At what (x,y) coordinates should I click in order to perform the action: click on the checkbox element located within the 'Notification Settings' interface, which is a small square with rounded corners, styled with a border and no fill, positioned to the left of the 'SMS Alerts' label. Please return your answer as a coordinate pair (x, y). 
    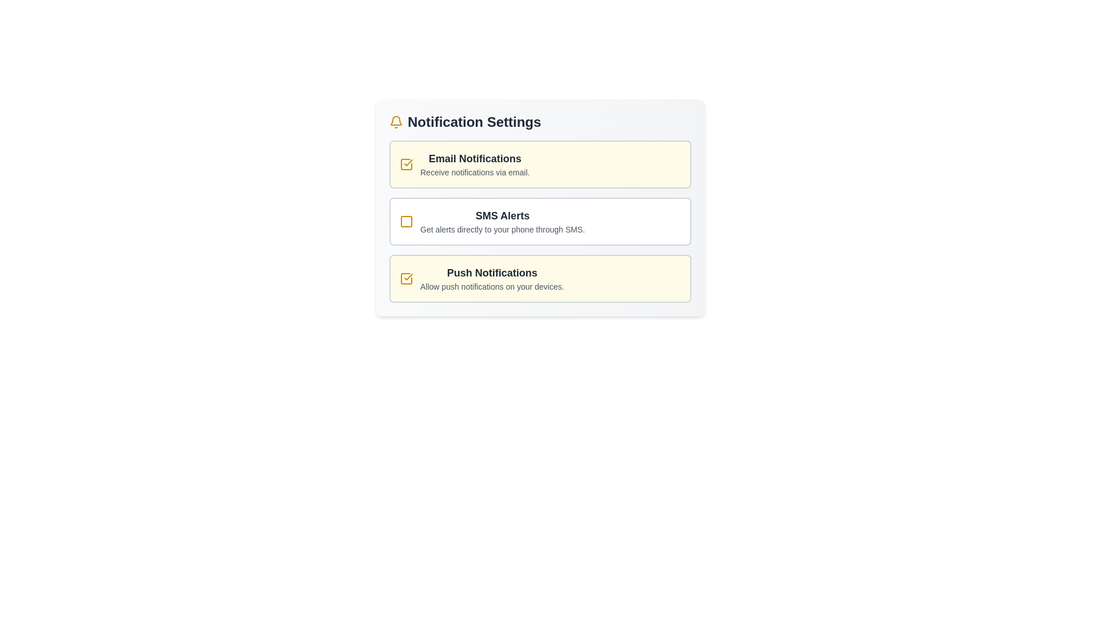
    Looking at the image, I should click on (406, 222).